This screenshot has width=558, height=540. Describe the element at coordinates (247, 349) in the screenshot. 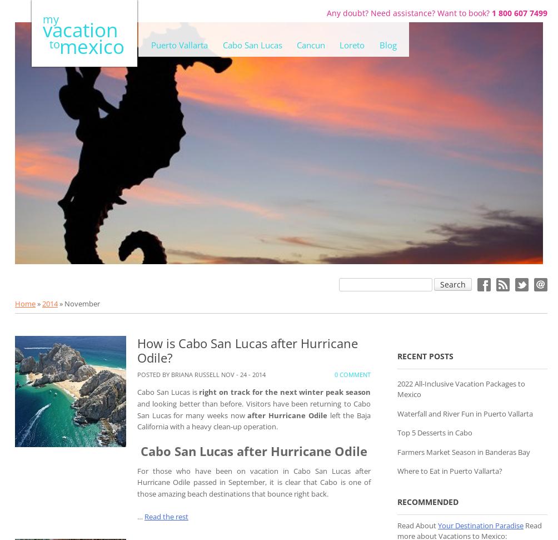

I see `'How is Cabo San Lucas after Hurricane Odile?'` at that location.